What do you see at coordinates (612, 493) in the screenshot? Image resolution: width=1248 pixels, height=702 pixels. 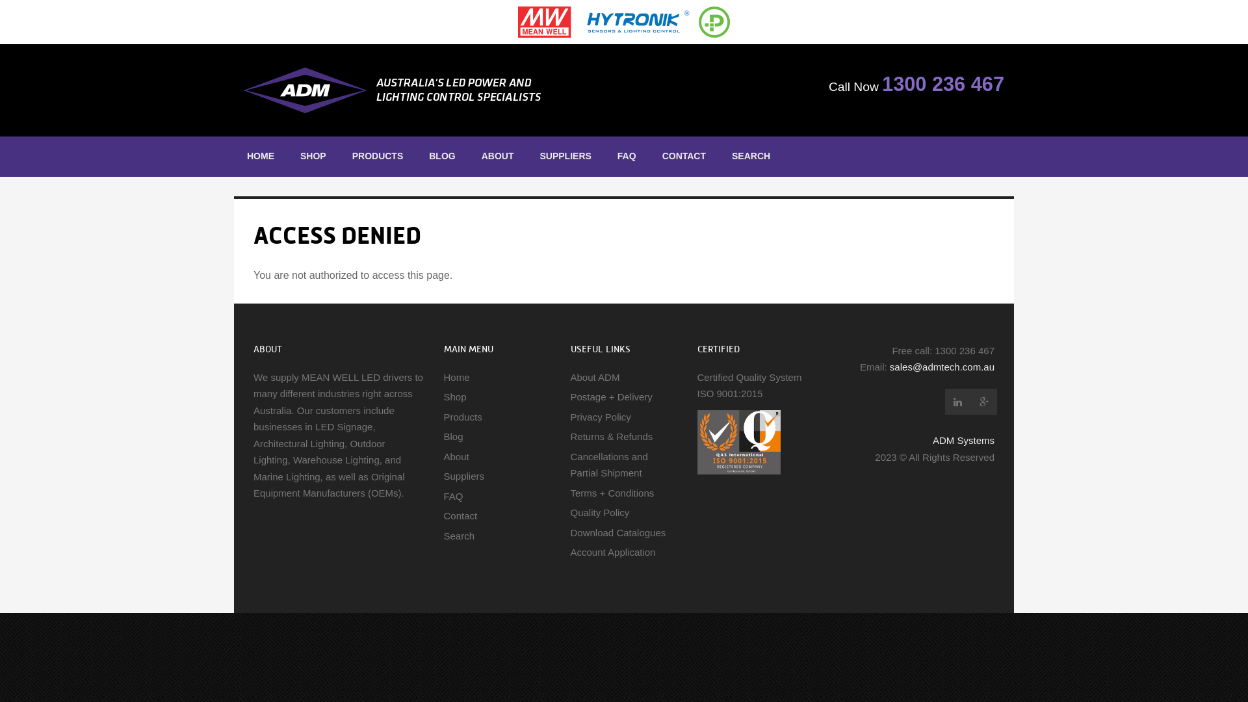 I see `'Terms + Conditions'` at bounding box center [612, 493].